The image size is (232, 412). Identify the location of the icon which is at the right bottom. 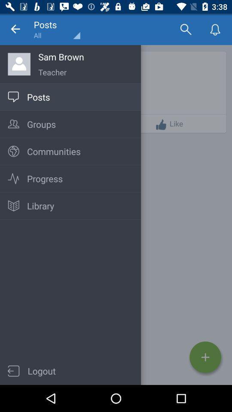
(205, 357).